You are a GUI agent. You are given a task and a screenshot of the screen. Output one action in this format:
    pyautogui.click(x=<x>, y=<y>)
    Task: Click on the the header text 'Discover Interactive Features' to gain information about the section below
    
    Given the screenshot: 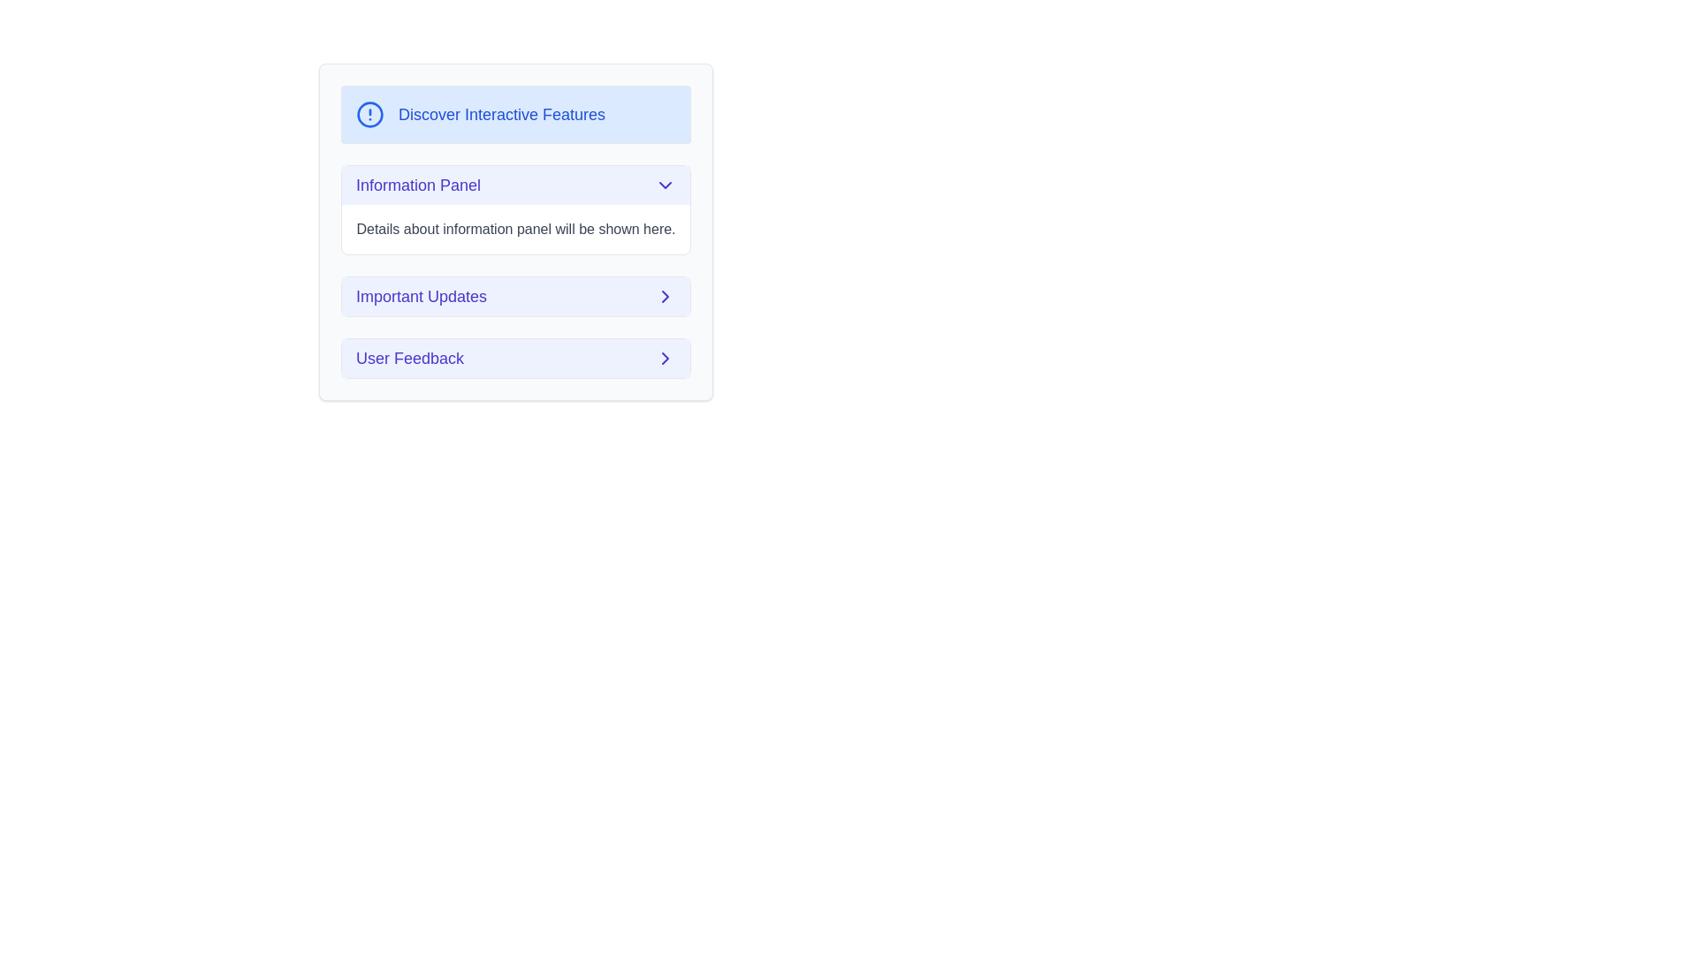 What is the action you would take?
    pyautogui.click(x=501, y=115)
    